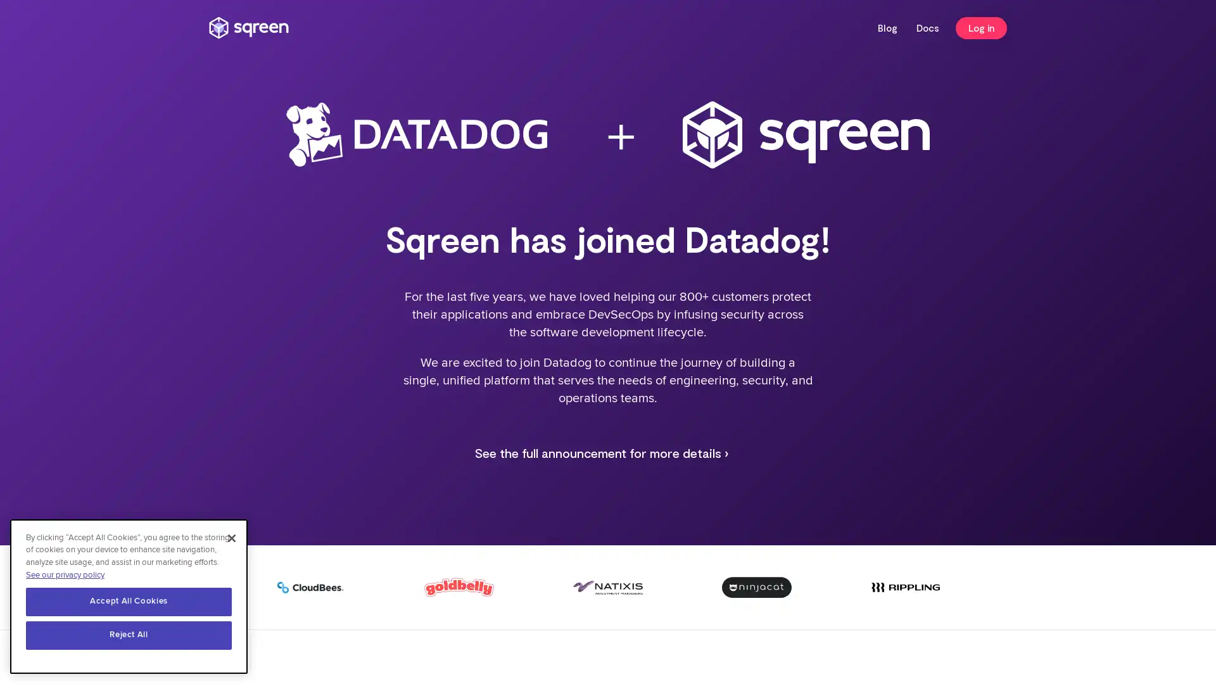  I want to click on Close, so click(231, 539).